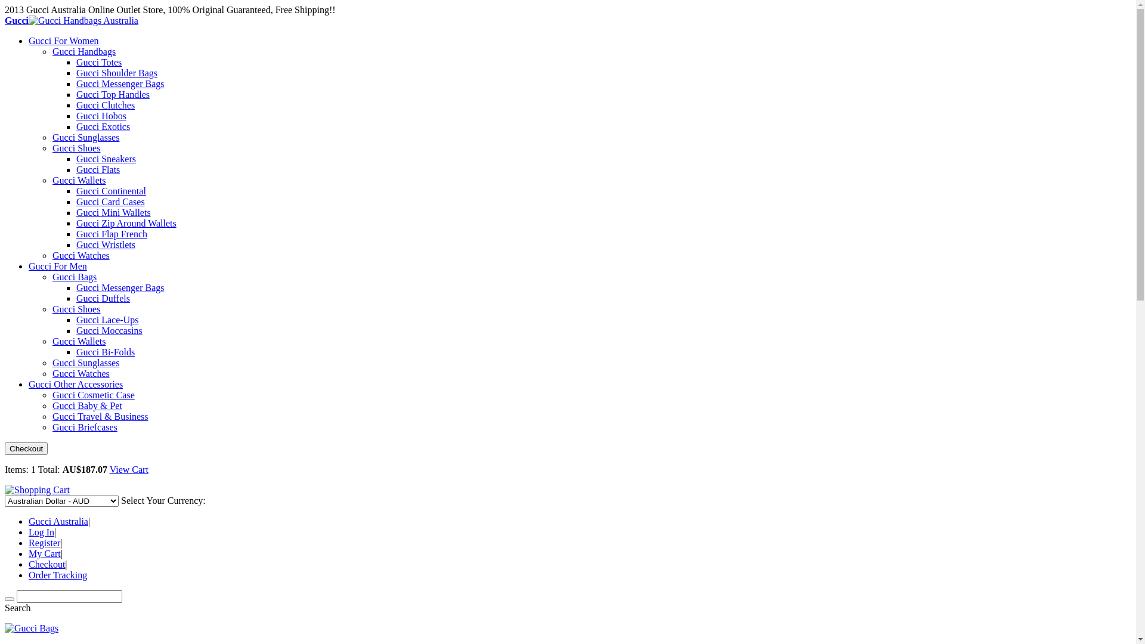  I want to click on 'Gucci Cosmetic Case', so click(93, 395).